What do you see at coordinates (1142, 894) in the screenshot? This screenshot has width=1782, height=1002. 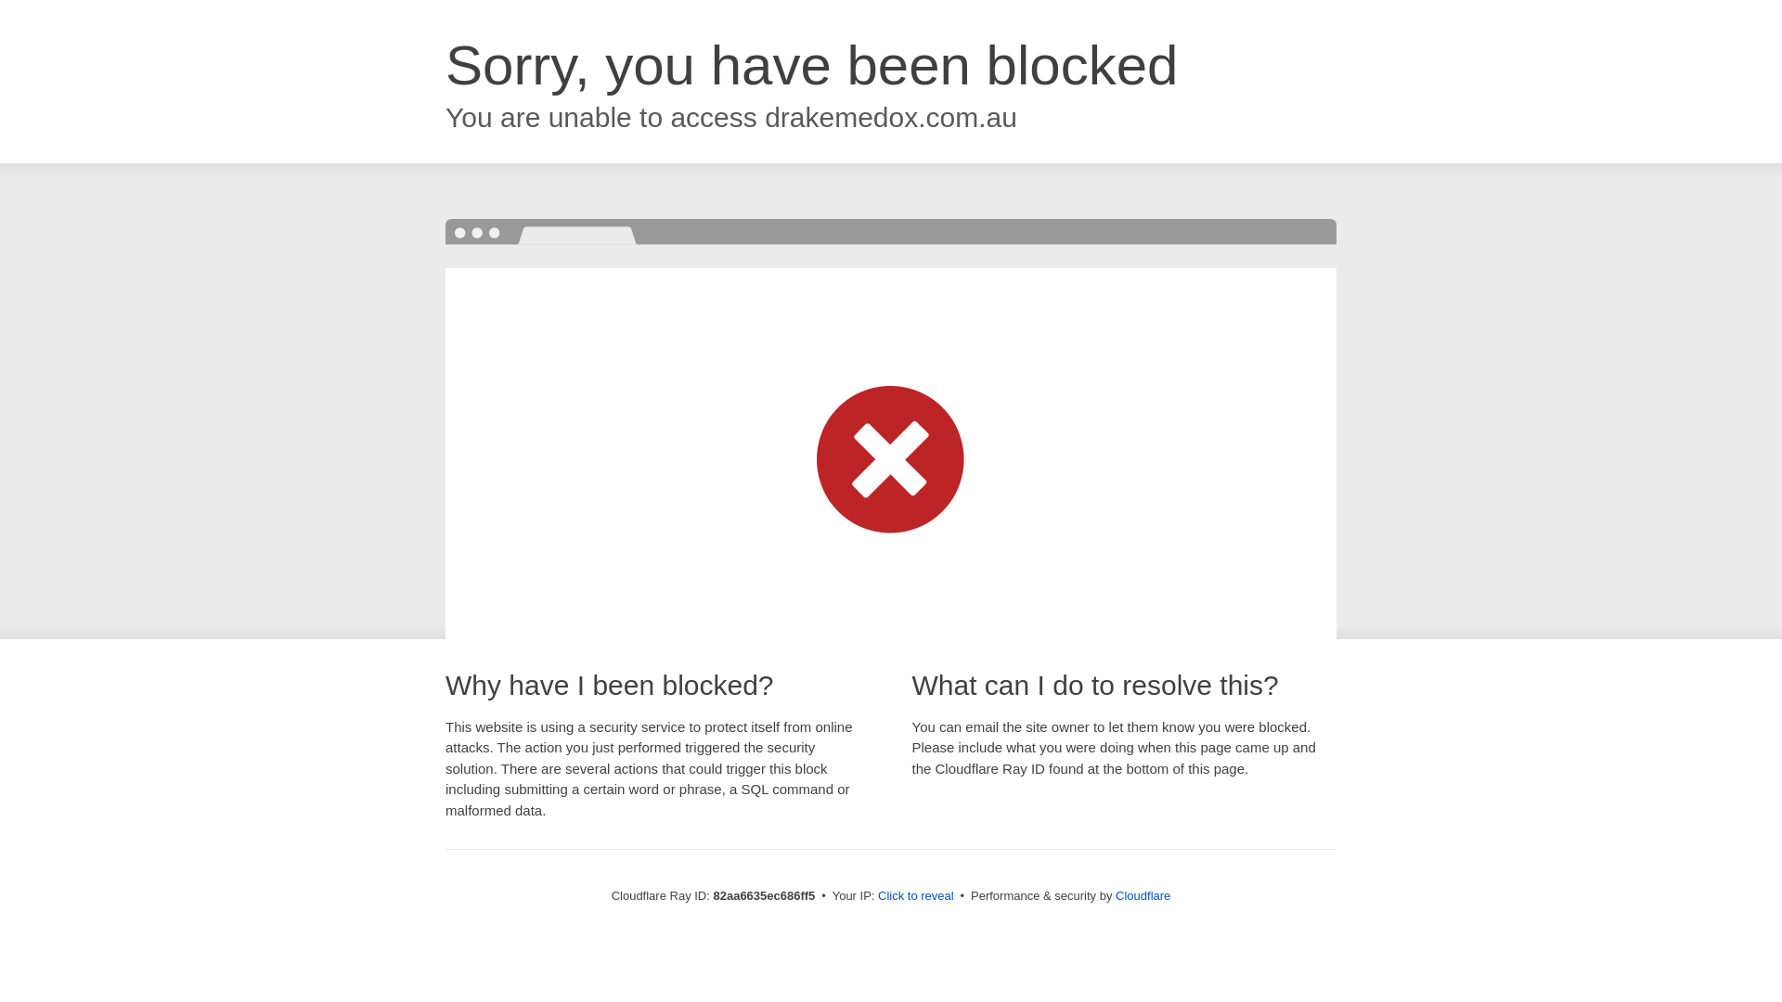 I see `'Cloudflare'` at bounding box center [1142, 894].